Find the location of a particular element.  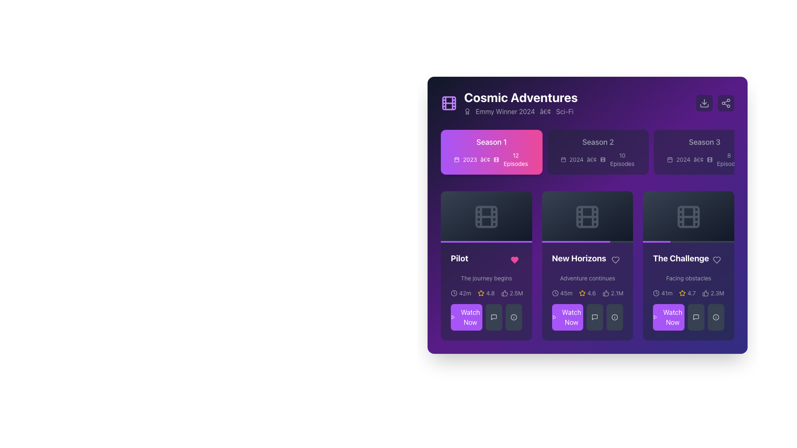

the progress bar at the bottom edge of the card interface is located at coordinates (486, 241).